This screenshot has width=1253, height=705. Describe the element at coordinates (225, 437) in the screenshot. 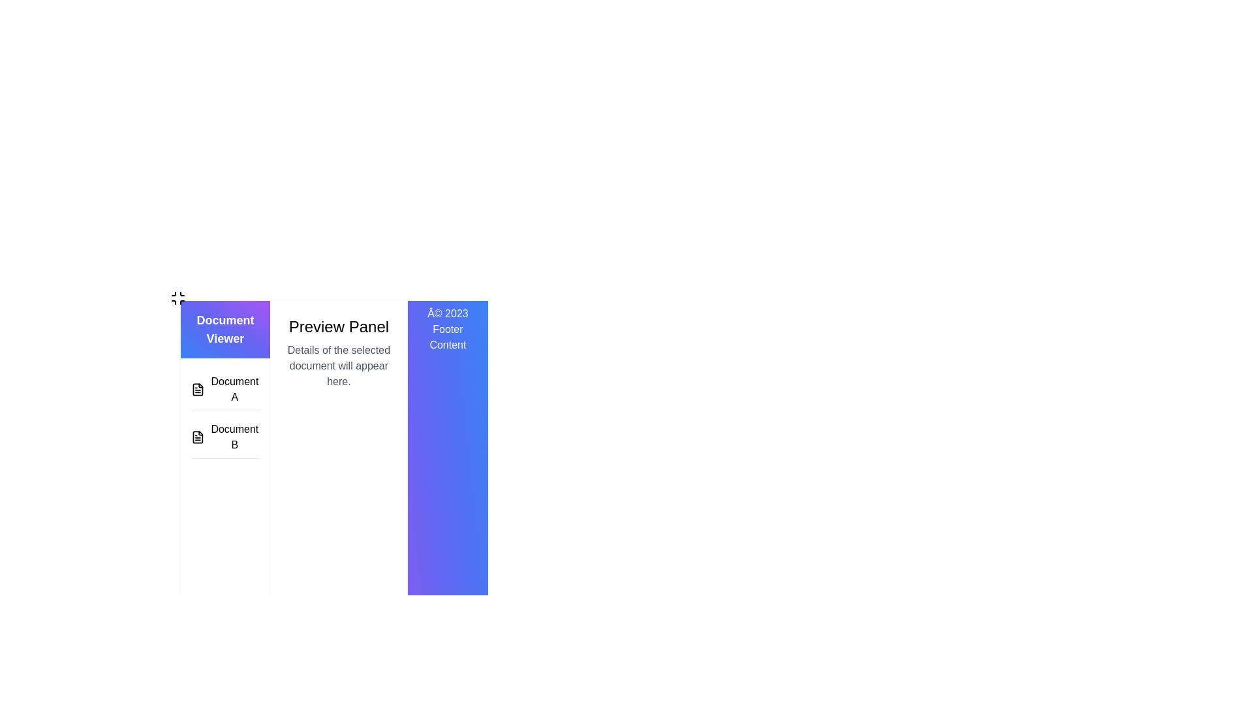

I see `the icon of the second list item labeled 'Document B' in the 'Document Viewer' section` at that location.